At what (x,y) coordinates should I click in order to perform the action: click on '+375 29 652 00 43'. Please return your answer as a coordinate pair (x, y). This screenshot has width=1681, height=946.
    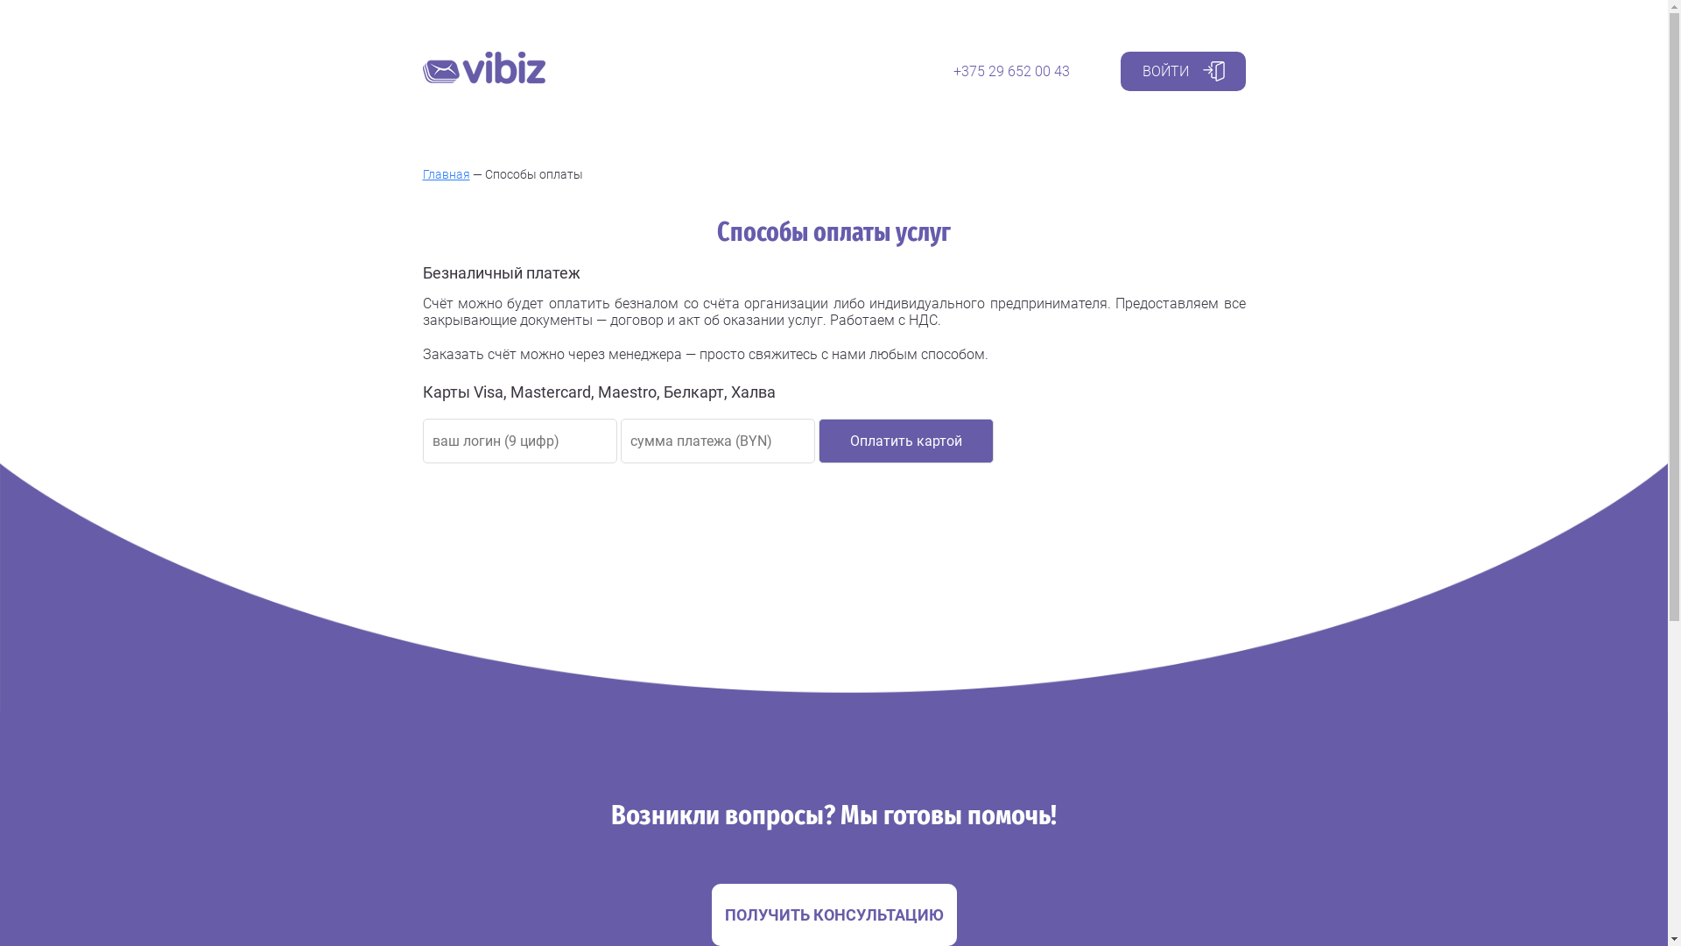
    Looking at the image, I should click on (1010, 70).